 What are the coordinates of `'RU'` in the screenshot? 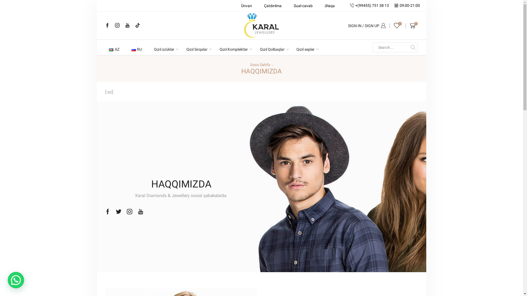 It's located at (137, 50).